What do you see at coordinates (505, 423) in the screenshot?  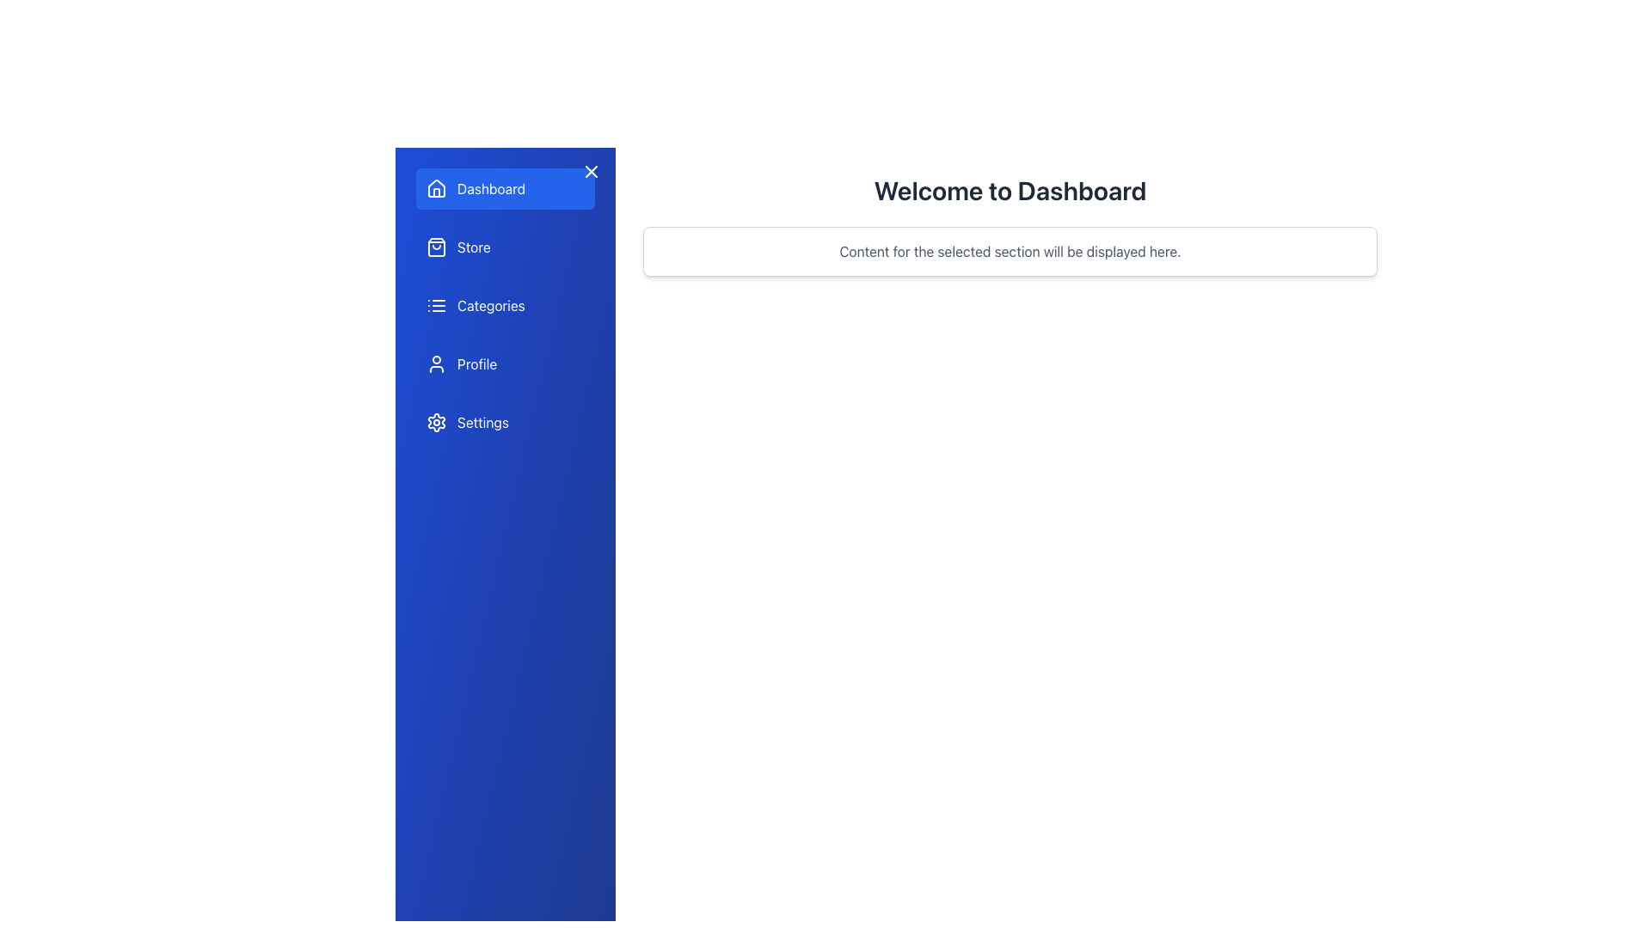 I see `the 'Settings' interactive menu button, which features a gear icon and is styled with a blue background and white text` at bounding box center [505, 423].